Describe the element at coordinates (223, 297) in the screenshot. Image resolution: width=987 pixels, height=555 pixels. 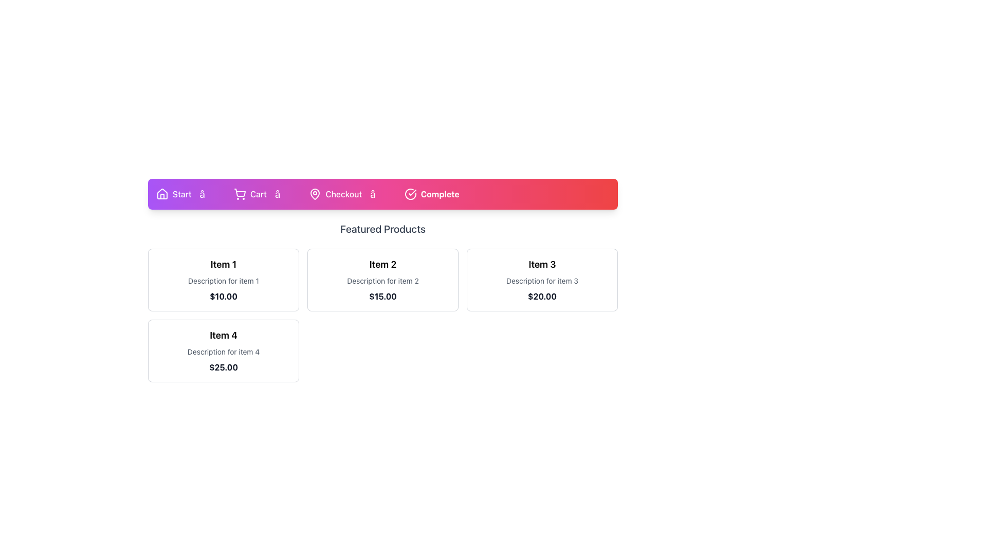
I see `the price information text label for Item 1, located directly under the description text 'Description for item 1'` at that location.